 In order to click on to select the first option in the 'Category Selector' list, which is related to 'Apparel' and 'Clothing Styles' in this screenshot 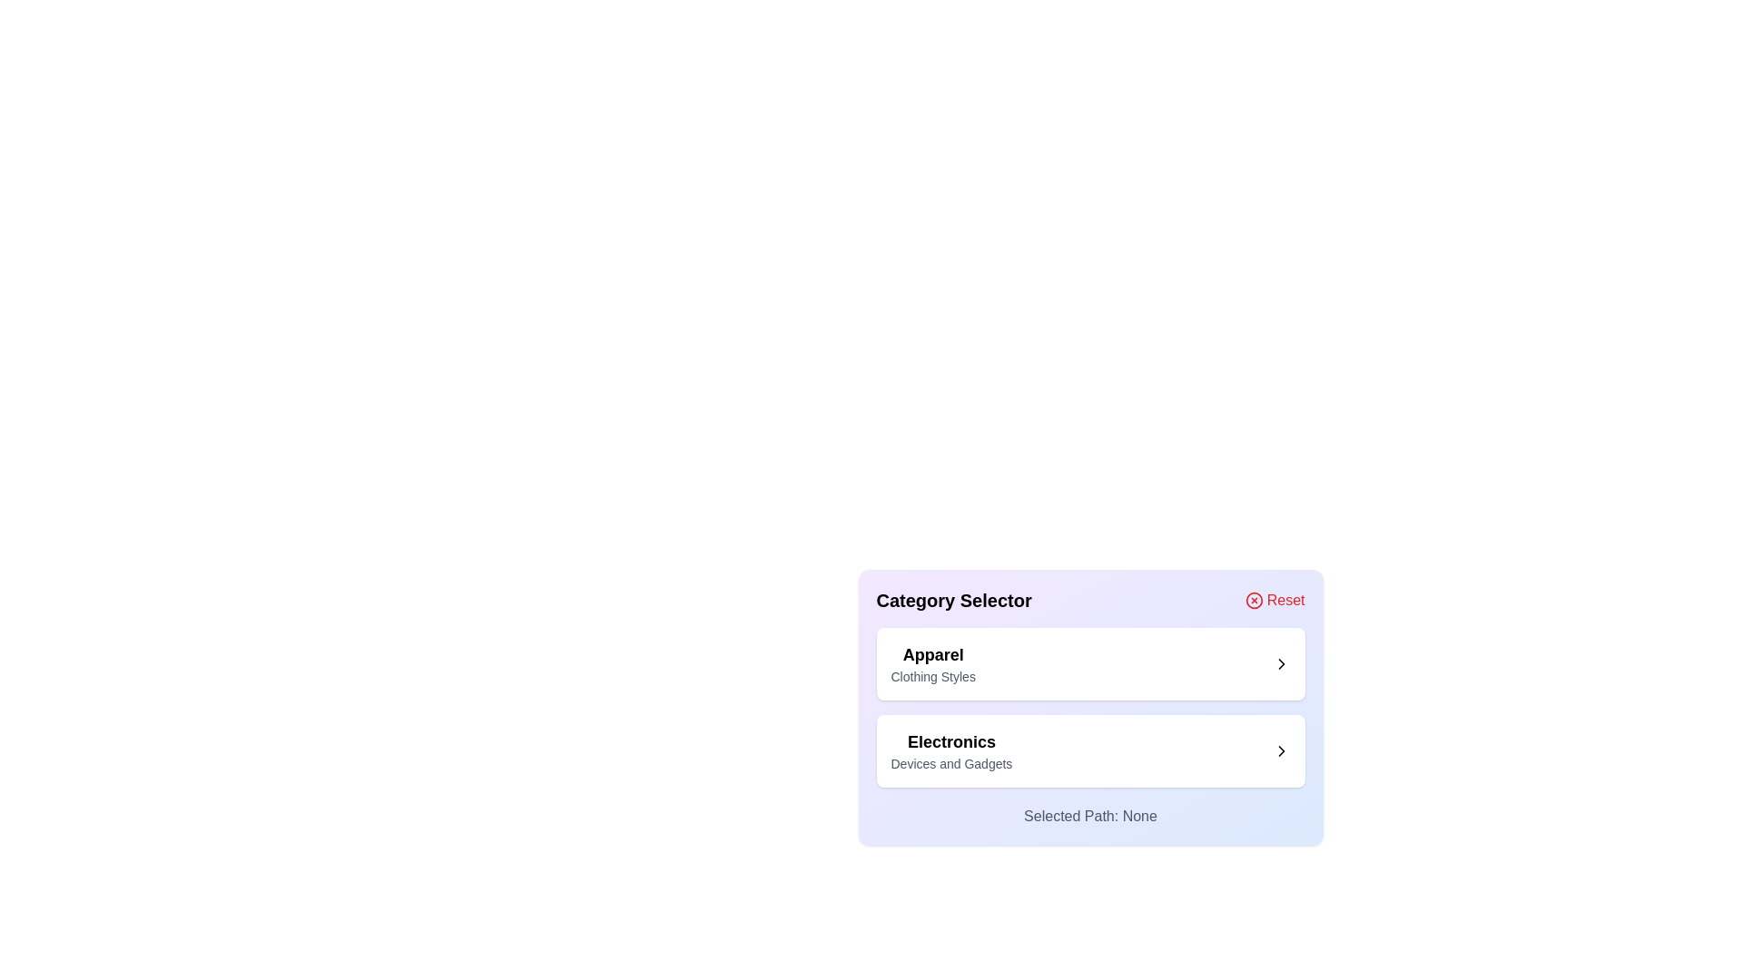, I will do `click(932, 664)`.